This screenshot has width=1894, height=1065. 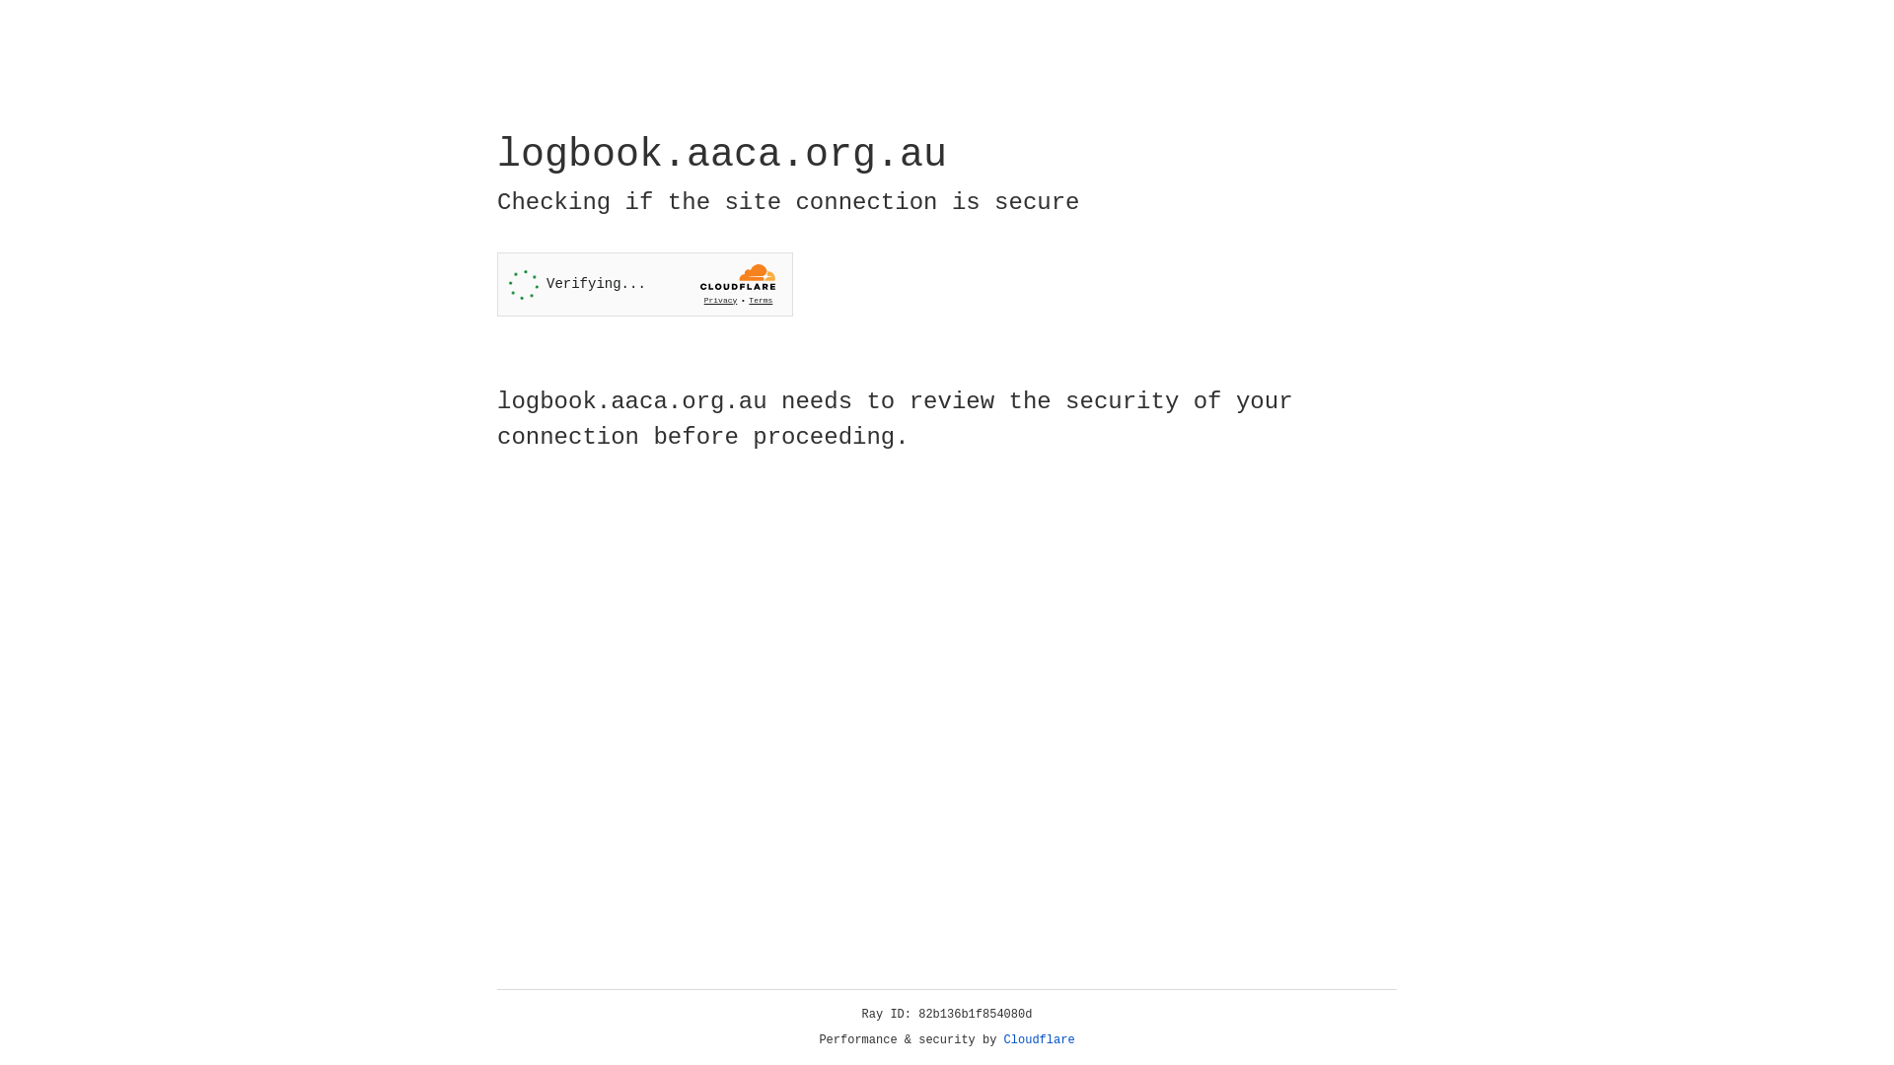 What do you see at coordinates (644, 284) in the screenshot?
I see `'Widget containing a Cloudflare security challenge'` at bounding box center [644, 284].